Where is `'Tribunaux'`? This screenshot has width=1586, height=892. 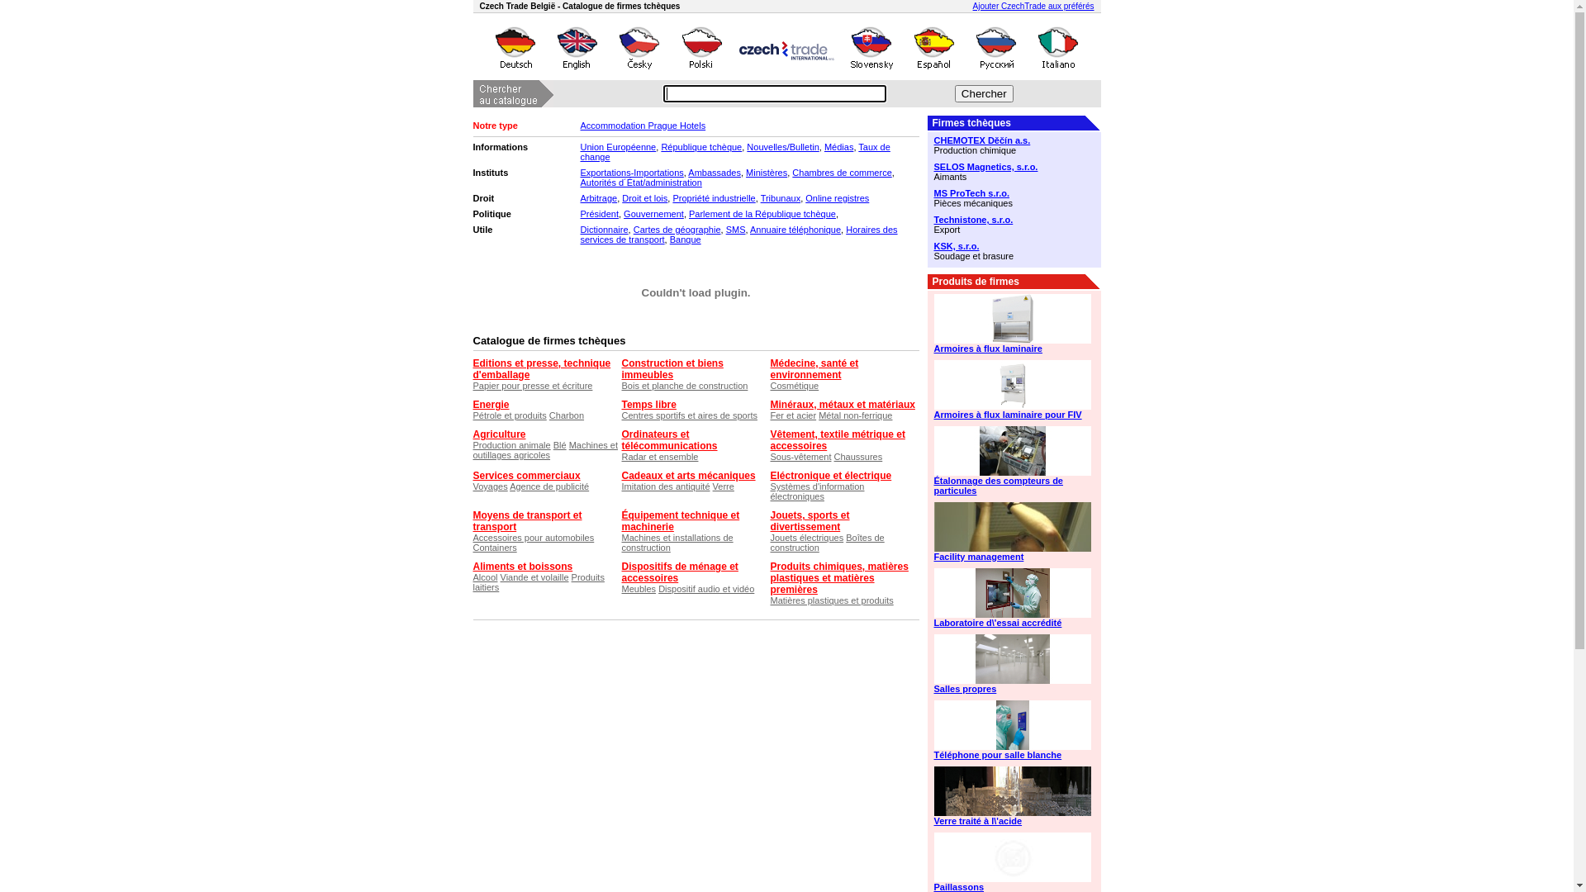
'Tribunaux' is located at coordinates (780, 197).